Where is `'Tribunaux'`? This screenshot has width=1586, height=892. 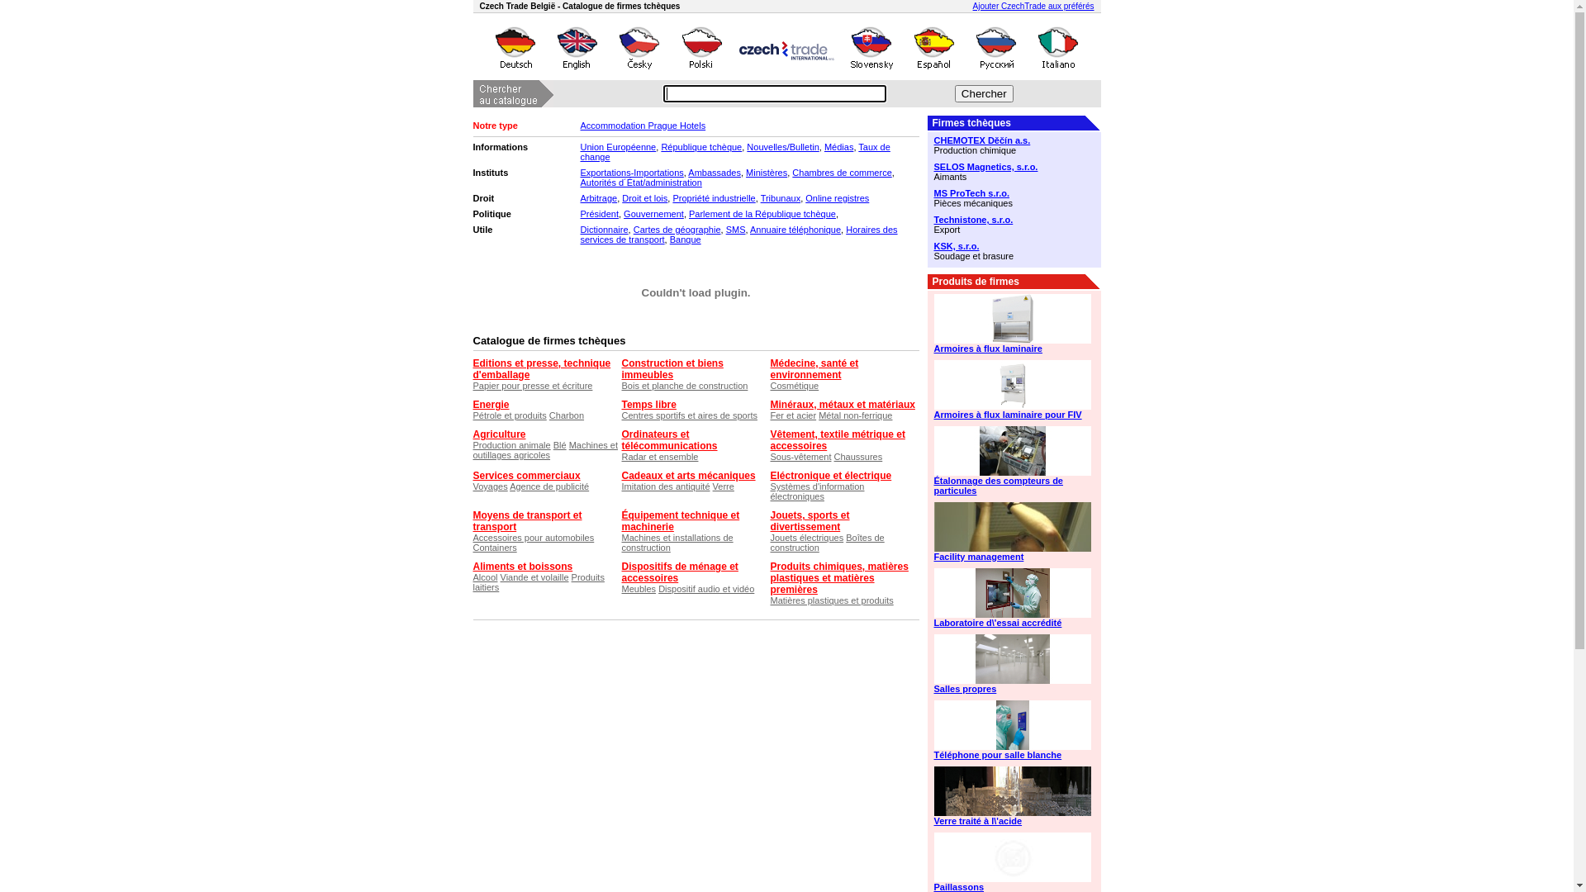
'Tribunaux' is located at coordinates (780, 197).